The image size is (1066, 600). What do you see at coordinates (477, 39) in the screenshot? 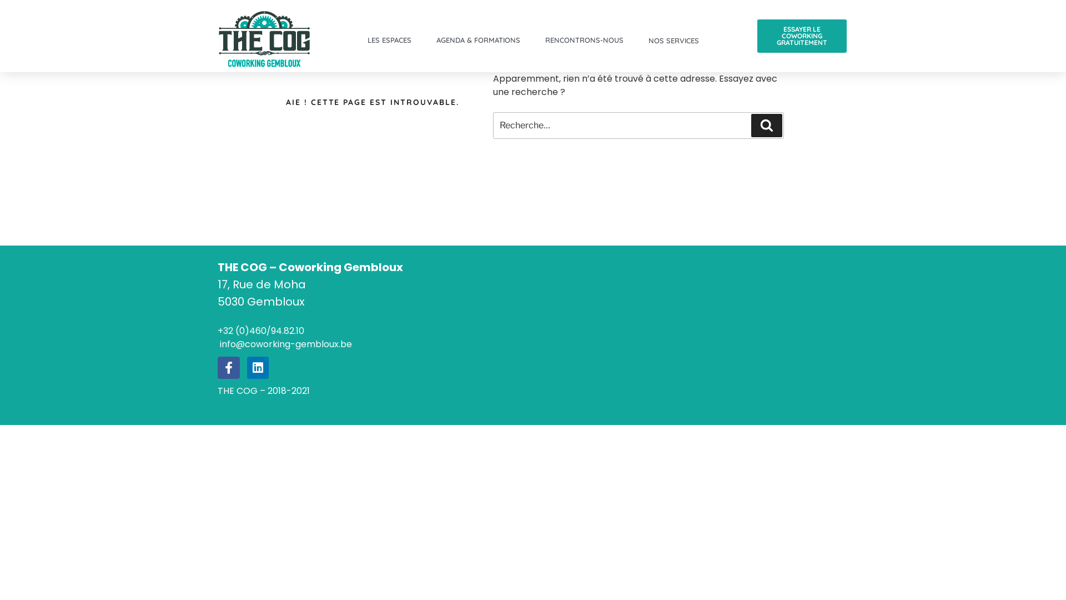
I see `'AGENDA & FORMATIONS'` at bounding box center [477, 39].